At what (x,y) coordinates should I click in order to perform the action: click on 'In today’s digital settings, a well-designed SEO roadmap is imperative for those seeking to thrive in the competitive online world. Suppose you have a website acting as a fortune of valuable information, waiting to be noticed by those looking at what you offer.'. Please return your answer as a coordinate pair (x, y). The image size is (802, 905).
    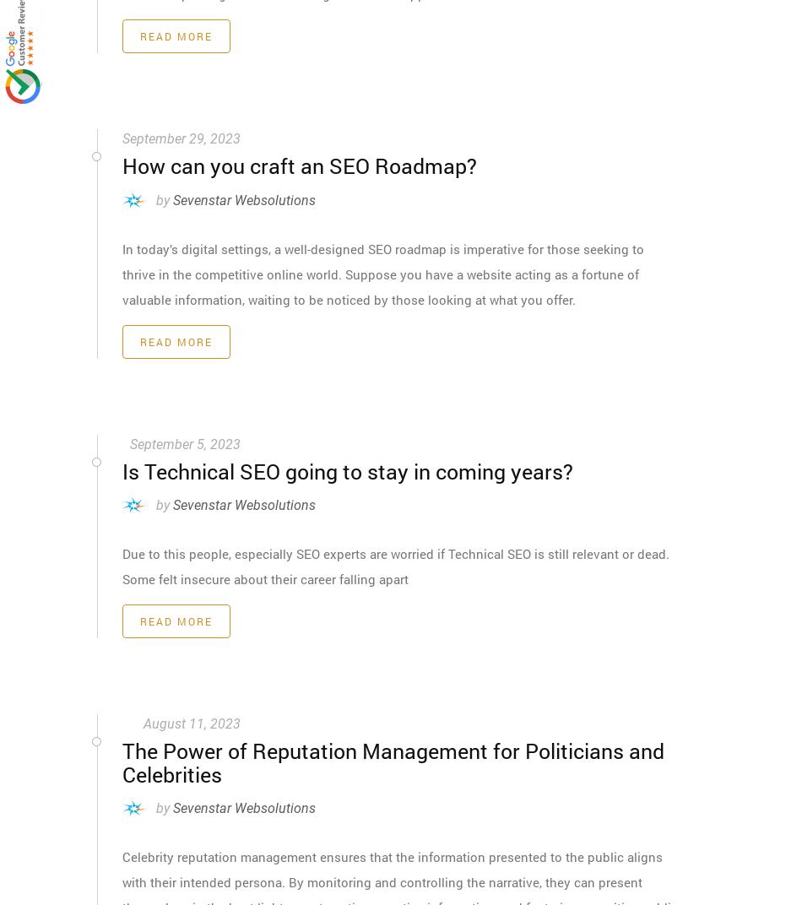
    Looking at the image, I should click on (382, 272).